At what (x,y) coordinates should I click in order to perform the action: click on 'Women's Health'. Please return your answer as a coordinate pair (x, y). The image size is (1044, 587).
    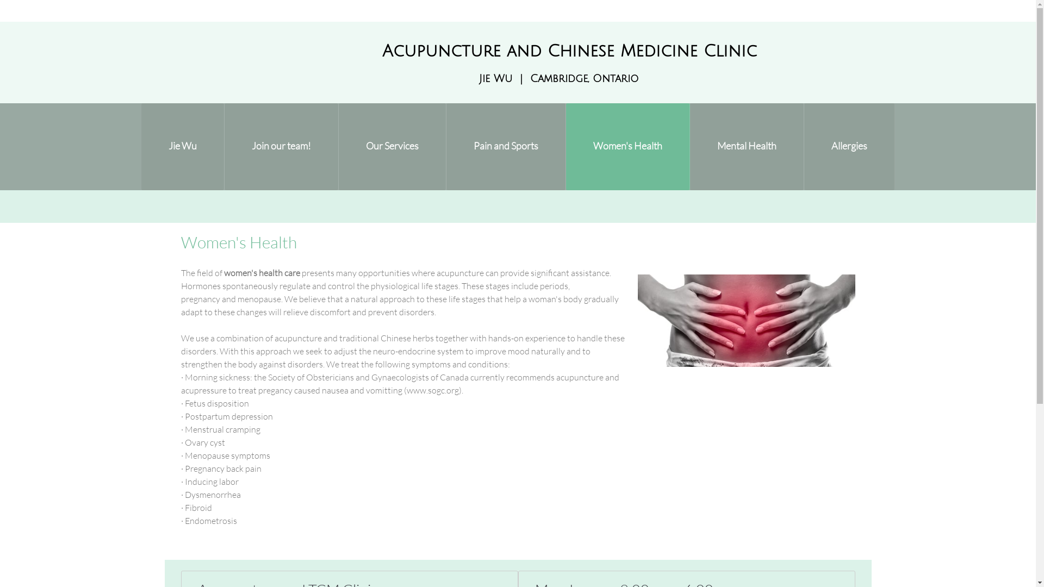
    Looking at the image, I should click on (628, 147).